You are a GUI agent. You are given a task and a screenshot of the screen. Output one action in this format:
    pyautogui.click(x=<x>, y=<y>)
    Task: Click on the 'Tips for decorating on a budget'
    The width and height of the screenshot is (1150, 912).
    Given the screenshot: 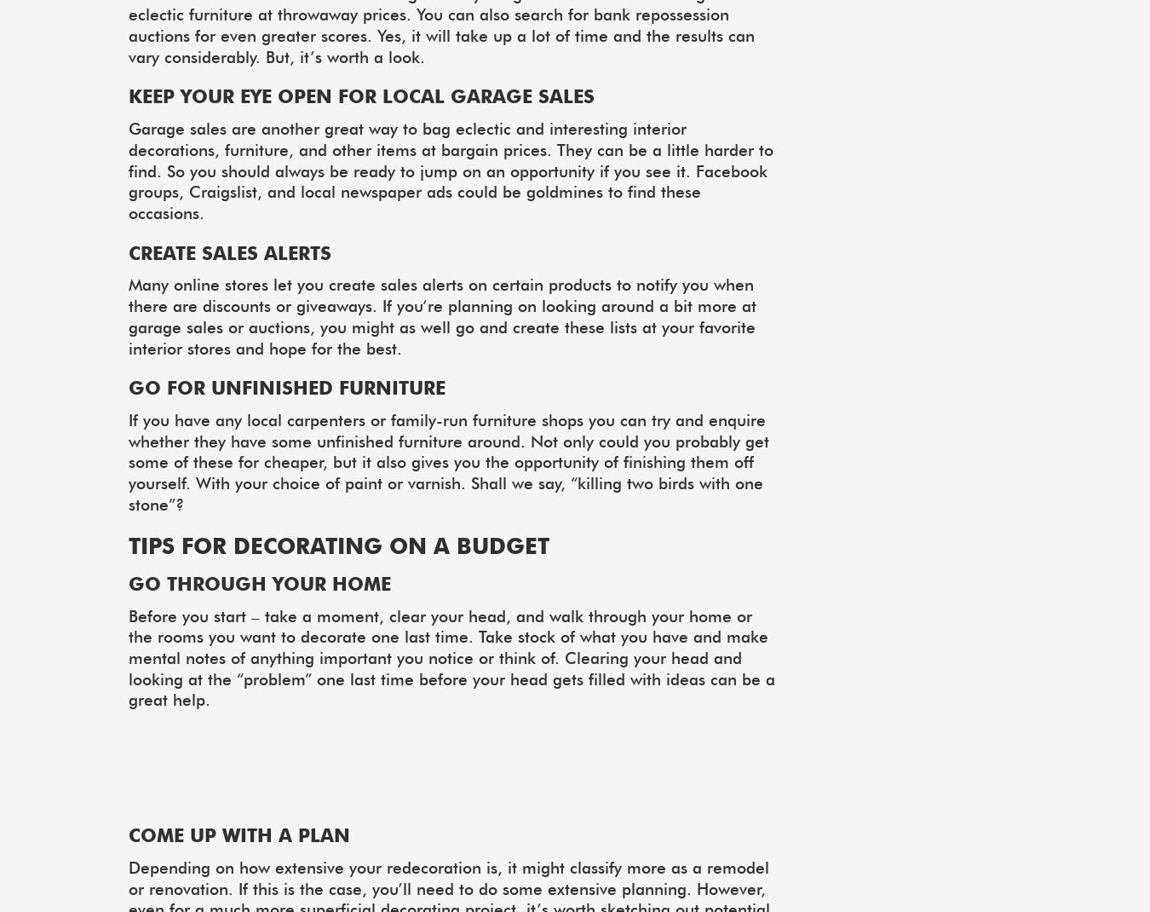 What is the action you would take?
    pyautogui.click(x=338, y=545)
    